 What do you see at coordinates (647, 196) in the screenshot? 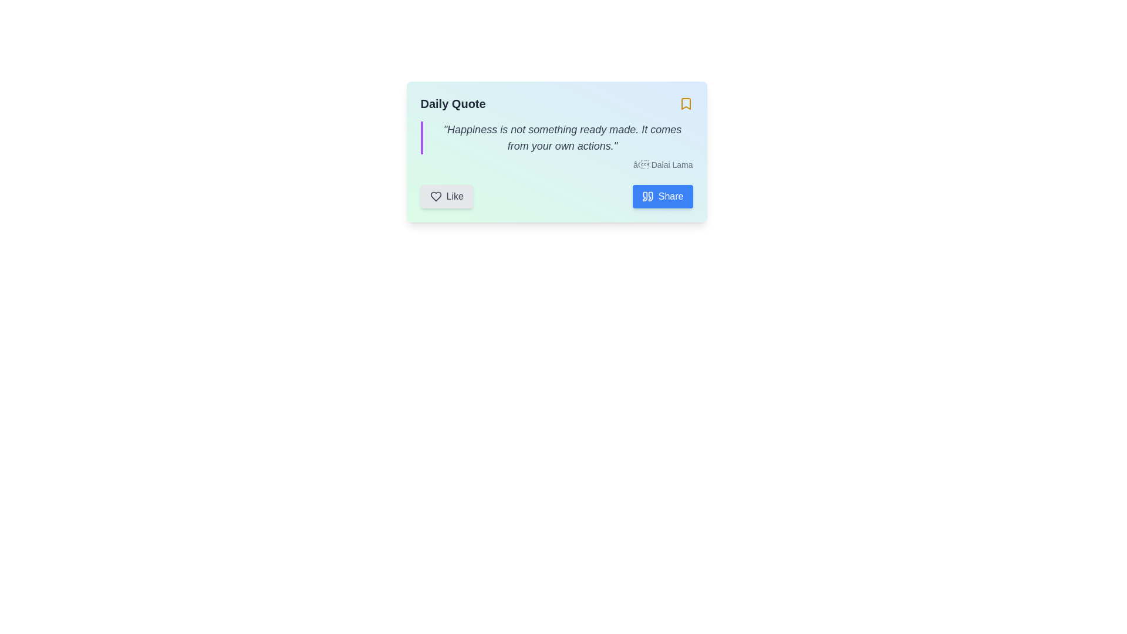
I see `the decorative icon within the 'Share' button, which is located to the left of the 'Share' text label` at bounding box center [647, 196].